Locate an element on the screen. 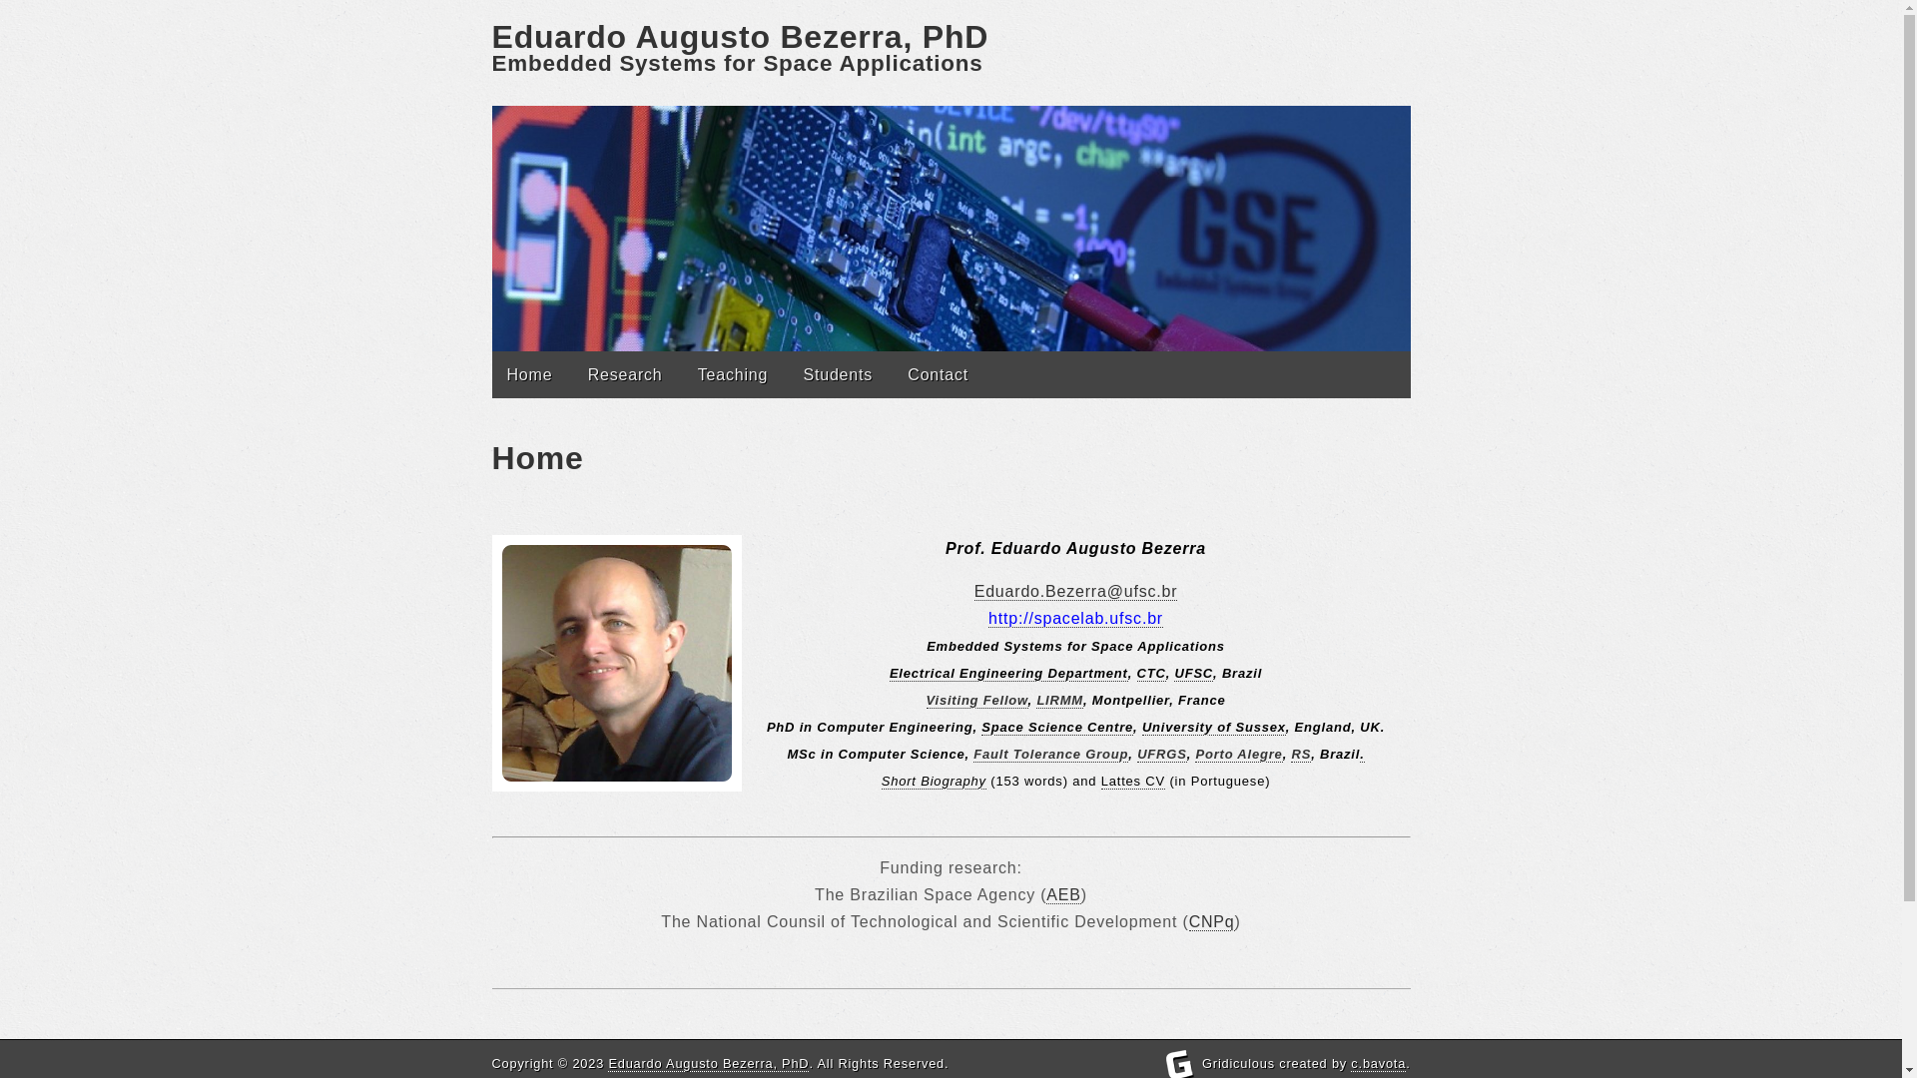 The image size is (1917, 1078). 'Research' is located at coordinates (624, 374).